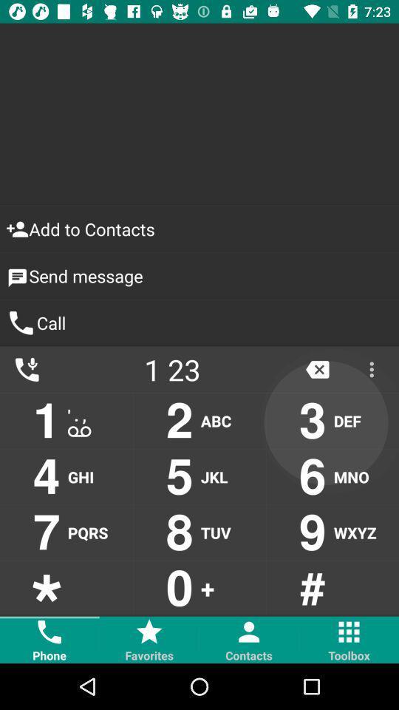 Image resolution: width=399 pixels, height=710 pixels. Describe the element at coordinates (199, 229) in the screenshot. I see `add to contacts` at that location.